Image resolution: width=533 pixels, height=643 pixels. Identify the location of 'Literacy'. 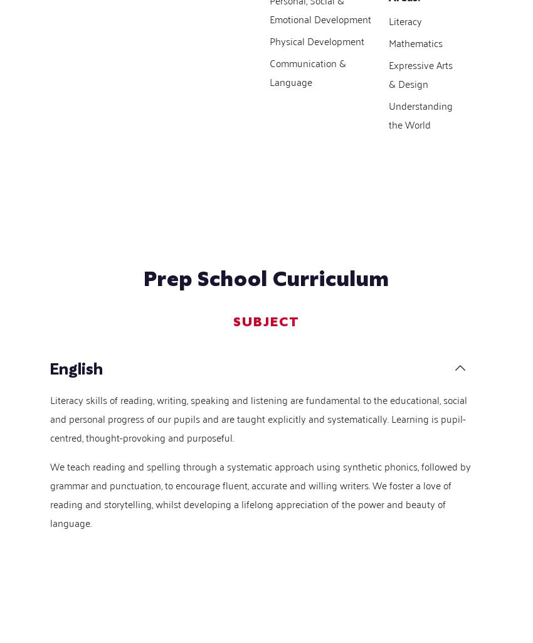
(388, 19).